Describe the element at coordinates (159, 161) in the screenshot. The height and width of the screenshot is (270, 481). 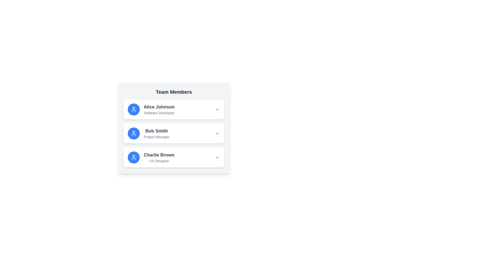
I see `text content of the Text label that describes 'Charlie Brown' as 'UX Designer', located in the third section of the Team Members list, directly under the text 'Charlie Brown'` at that location.